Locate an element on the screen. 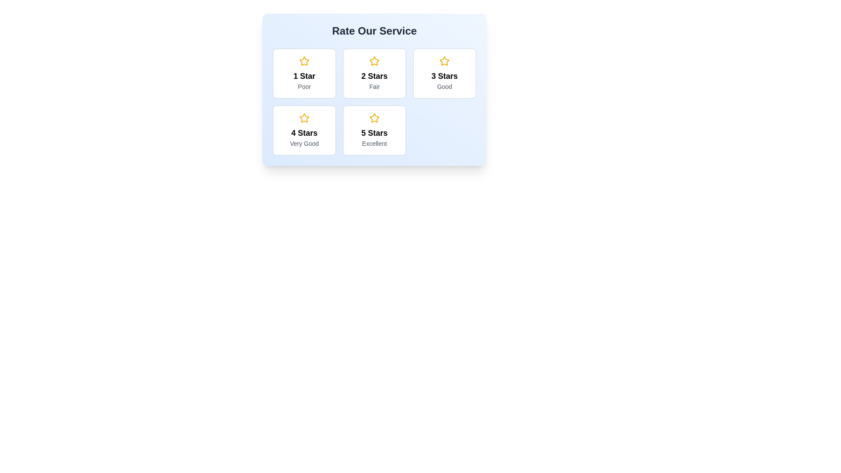 The height and width of the screenshot is (473, 841). the header text 'Rate Our Service' which is styled in bold and large font, positioned at the top center of the rating area is located at coordinates (374, 30).